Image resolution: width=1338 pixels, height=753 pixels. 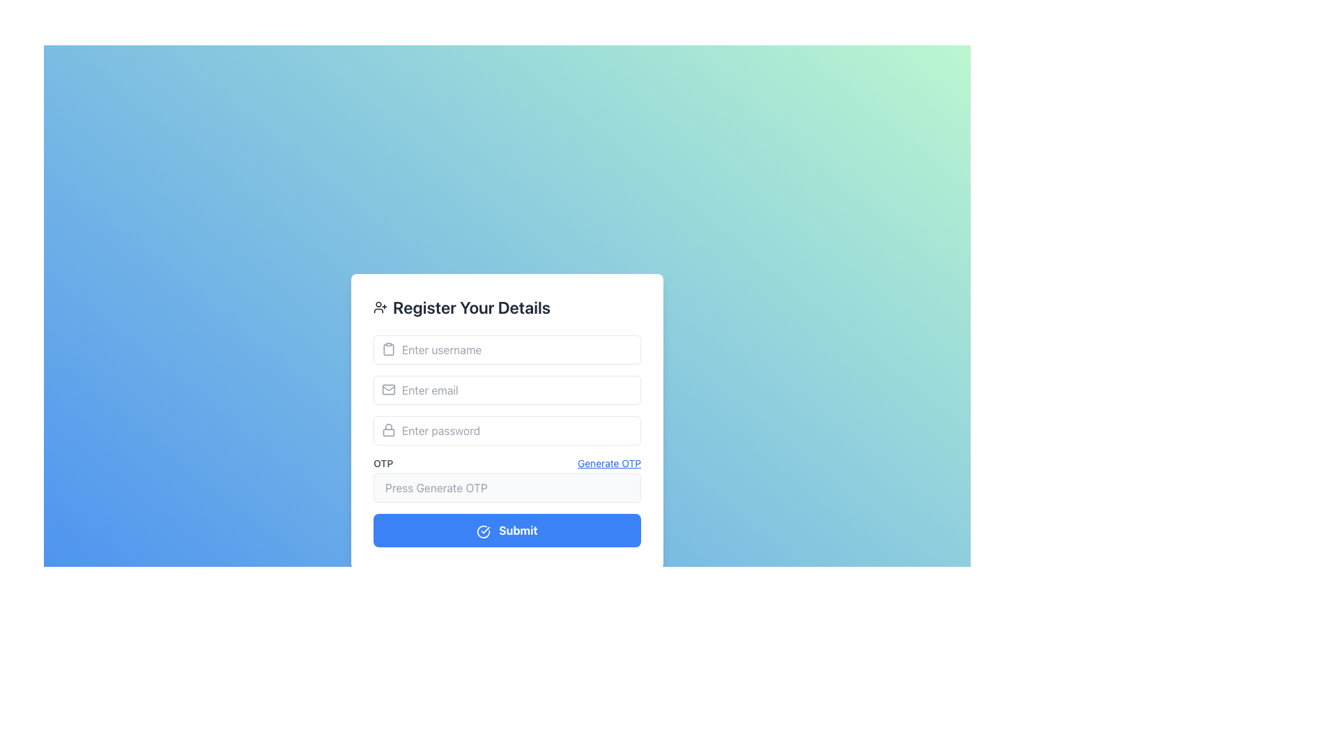 What do you see at coordinates (507, 429) in the screenshot?
I see `the Password input field by tabbing from the previous input field, which is located directly above it in the form` at bounding box center [507, 429].